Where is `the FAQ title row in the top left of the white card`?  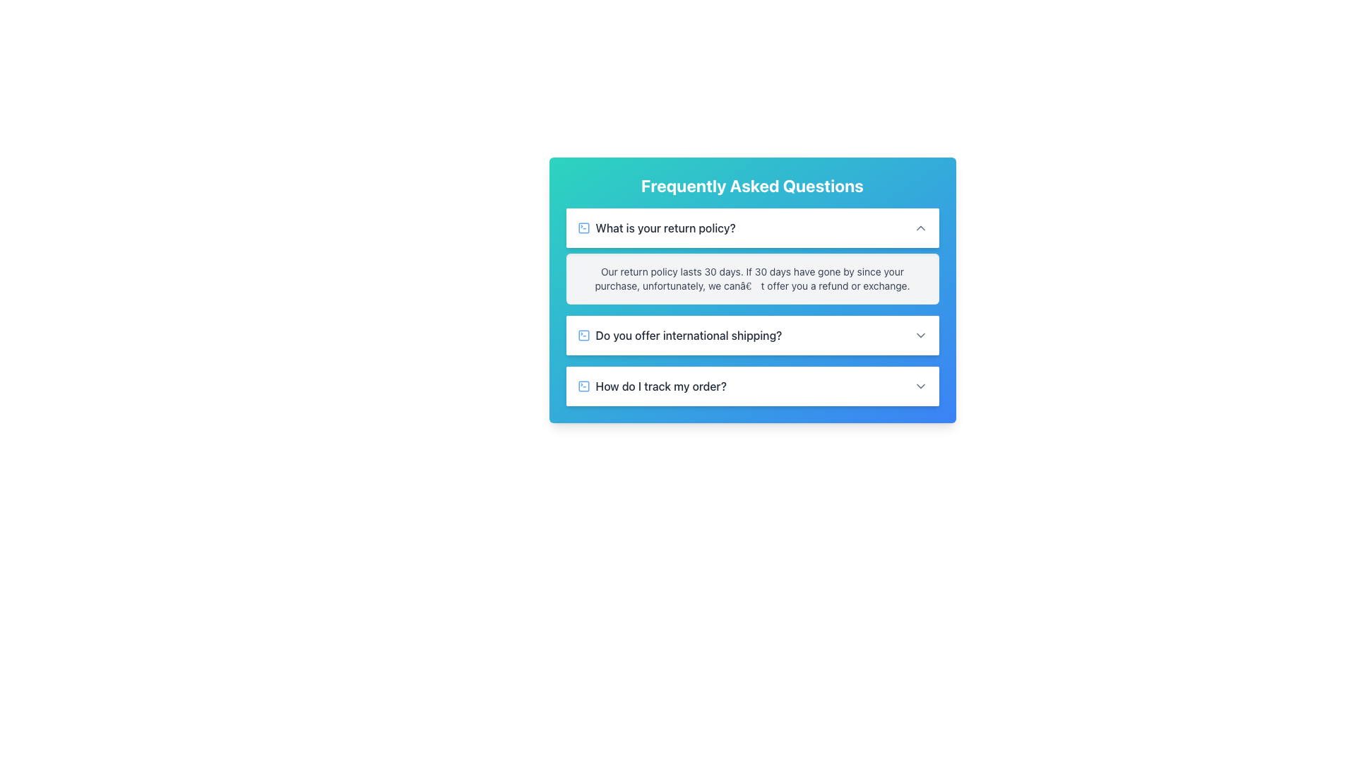
the FAQ title row in the top left of the white card is located at coordinates (655, 227).